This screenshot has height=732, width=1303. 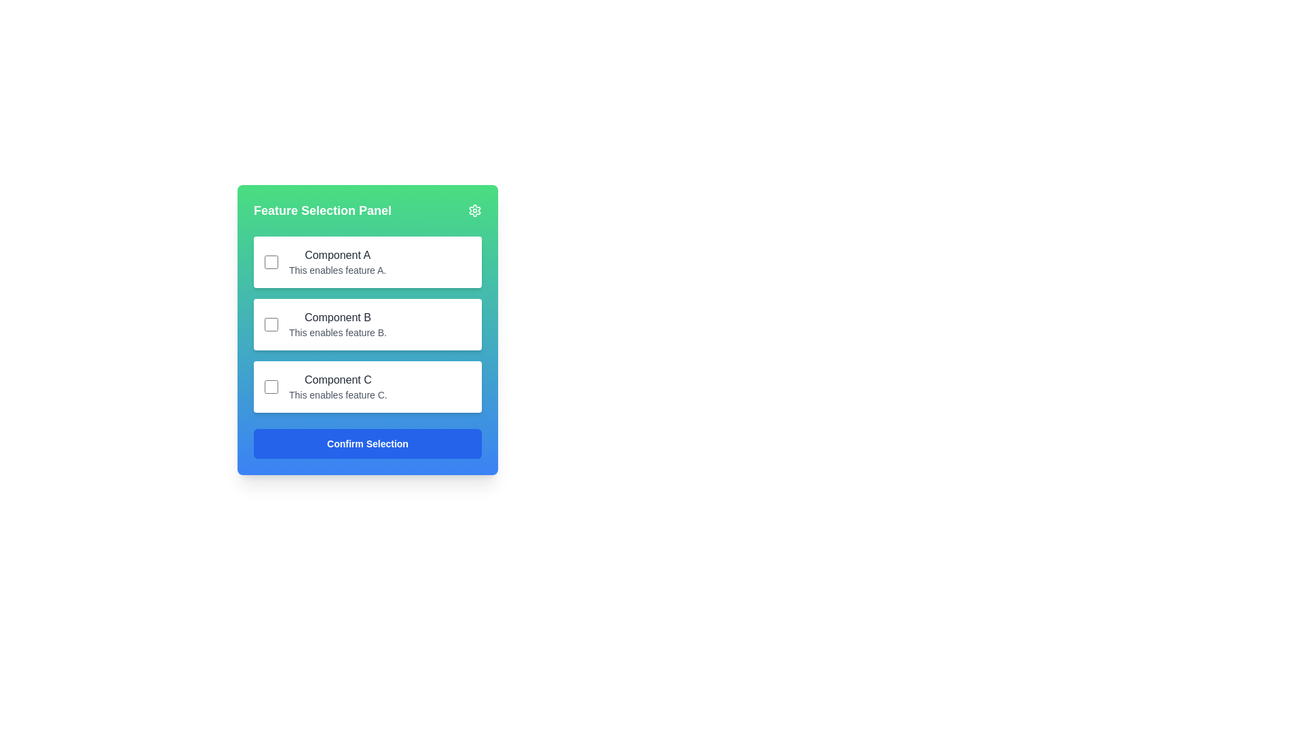 What do you see at coordinates (338, 332) in the screenshot?
I see `the descriptive label text that provides additional information about 'Component B', positioned as the second line of text within the 'Feature Selection Panel'` at bounding box center [338, 332].